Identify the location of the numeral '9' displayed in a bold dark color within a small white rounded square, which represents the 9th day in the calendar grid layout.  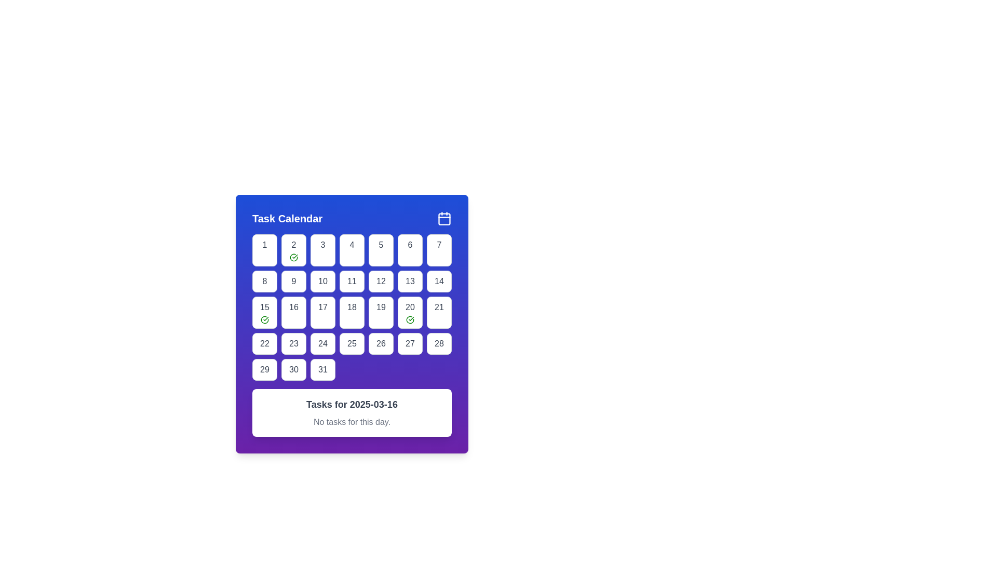
(293, 282).